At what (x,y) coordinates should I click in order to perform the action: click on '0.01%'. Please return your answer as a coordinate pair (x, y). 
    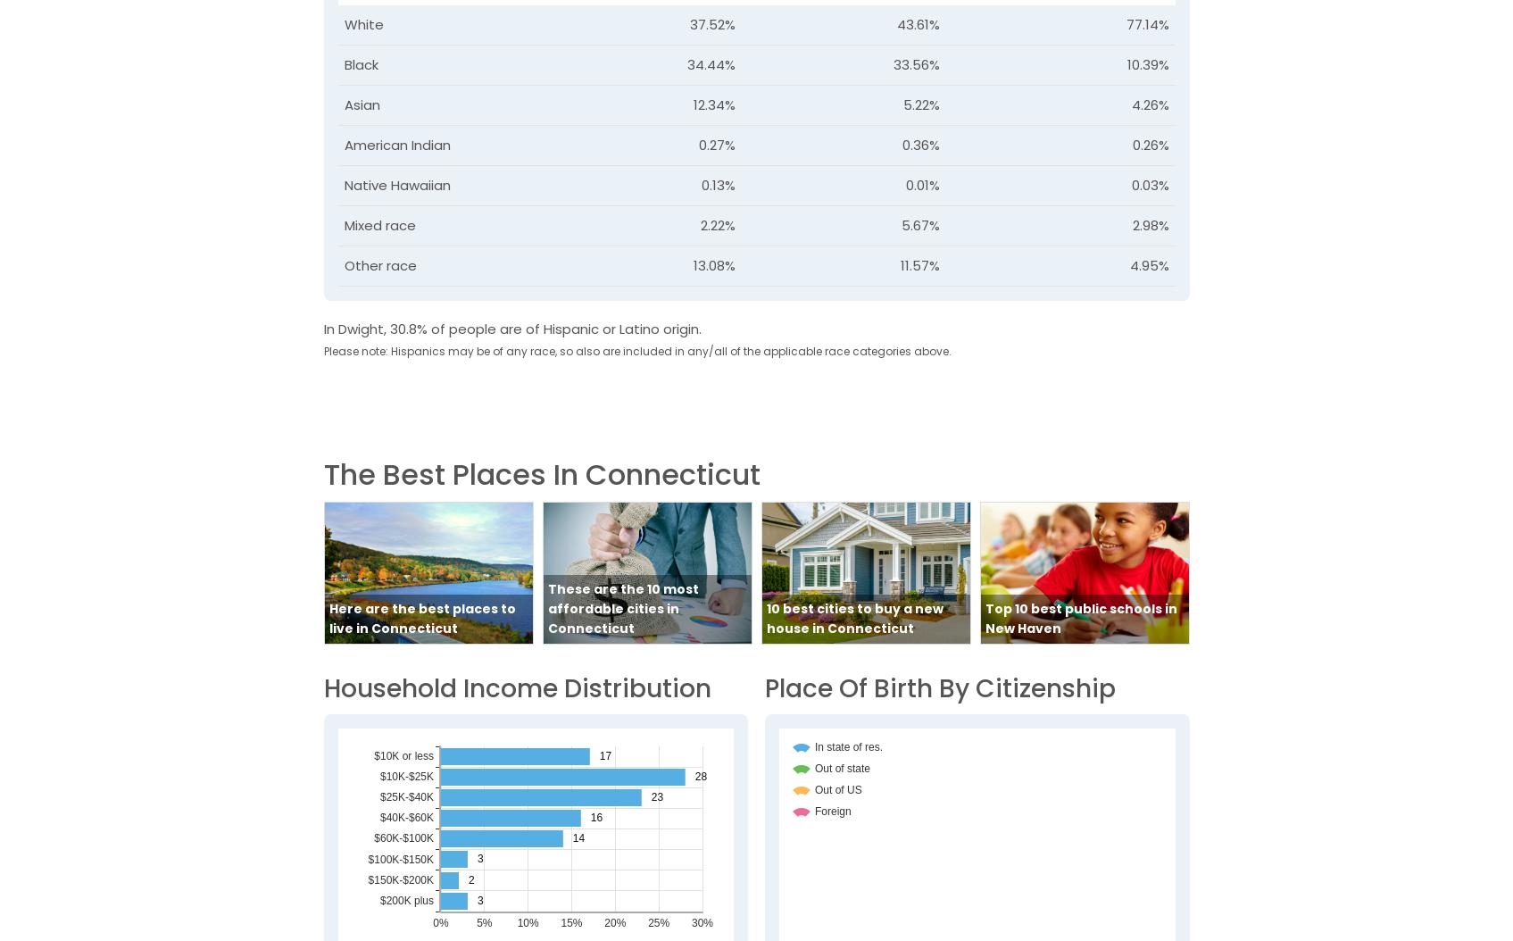
    Looking at the image, I should click on (921, 183).